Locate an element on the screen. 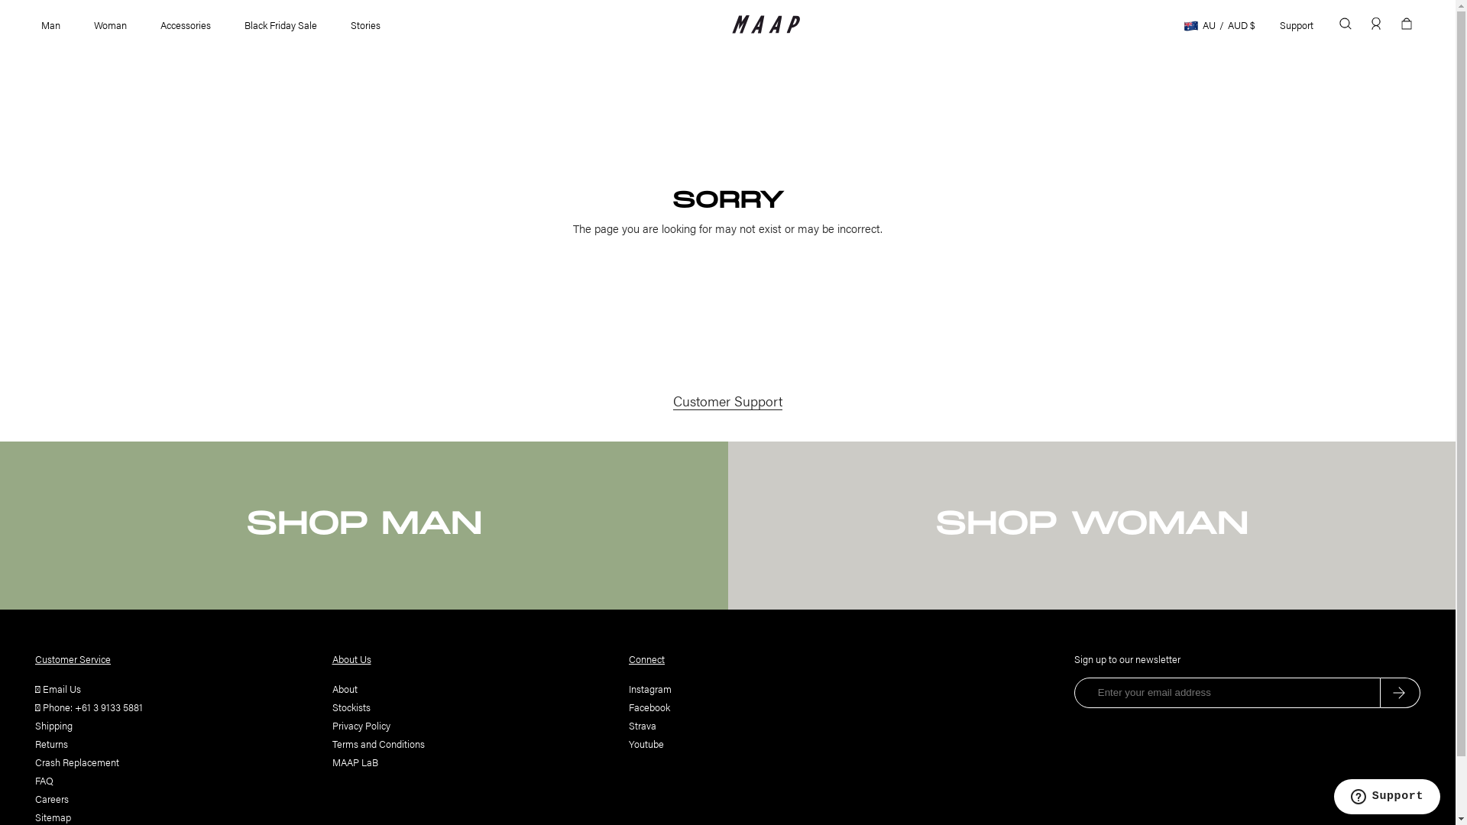  'Instagram' is located at coordinates (649, 688).